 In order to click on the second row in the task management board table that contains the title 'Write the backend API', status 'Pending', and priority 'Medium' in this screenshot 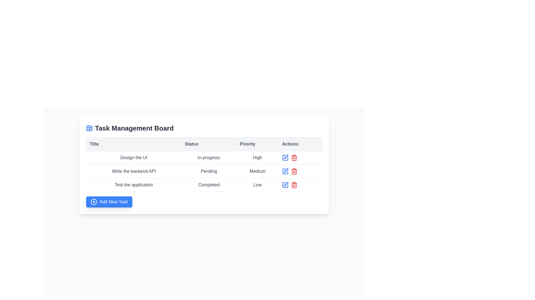, I will do `click(204, 171)`.